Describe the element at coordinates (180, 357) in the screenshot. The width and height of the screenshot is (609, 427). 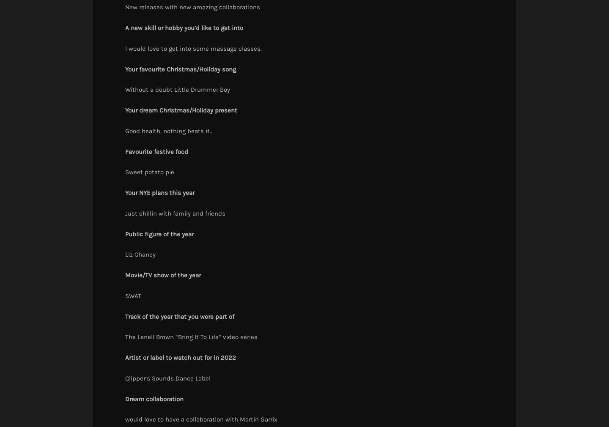
I see `'Artist or label to watch out for in 2022'` at that location.